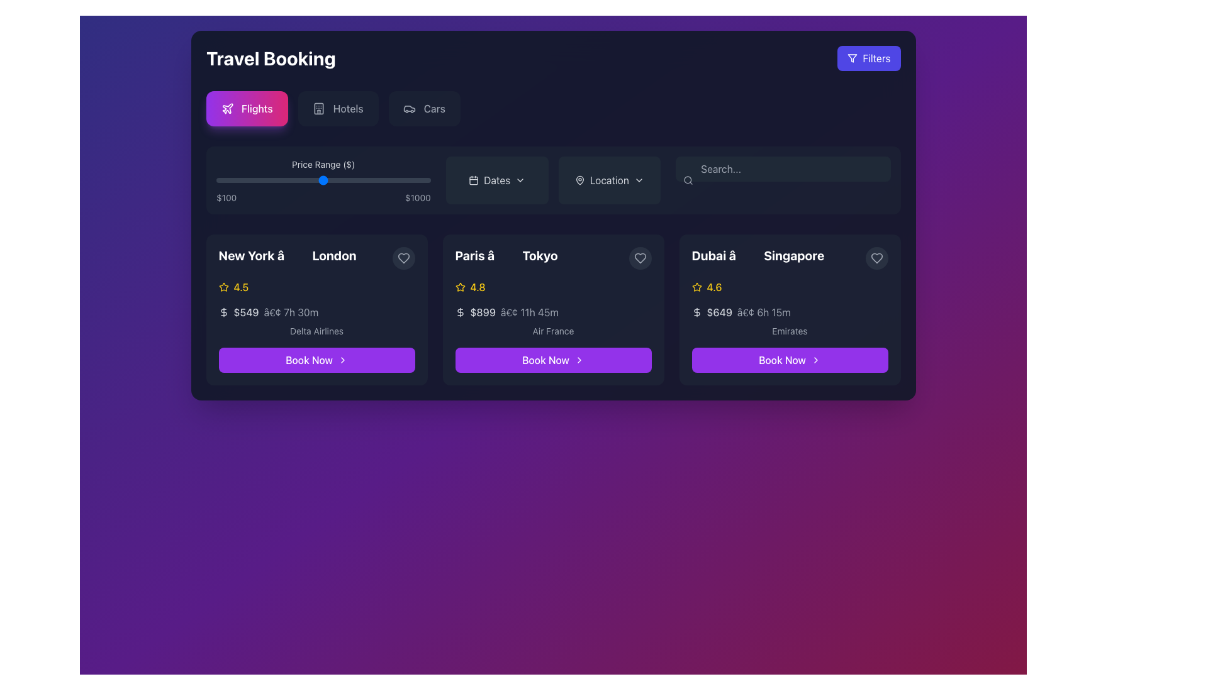 The image size is (1208, 679). What do you see at coordinates (520, 180) in the screenshot?
I see `the Dropdown indicator icon located to the right of the calendar icon and text labeled 'Dates'` at bounding box center [520, 180].